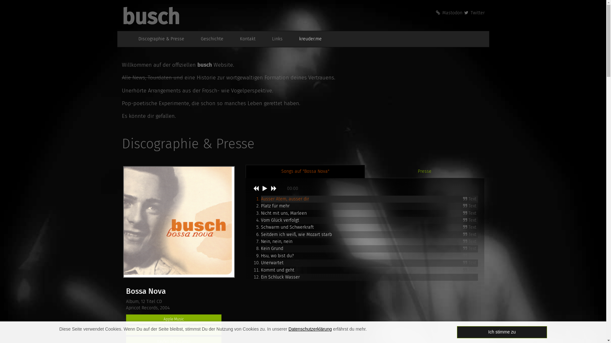 Image resolution: width=611 pixels, height=343 pixels. I want to click on 'Unerwartet', so click(272, 263).